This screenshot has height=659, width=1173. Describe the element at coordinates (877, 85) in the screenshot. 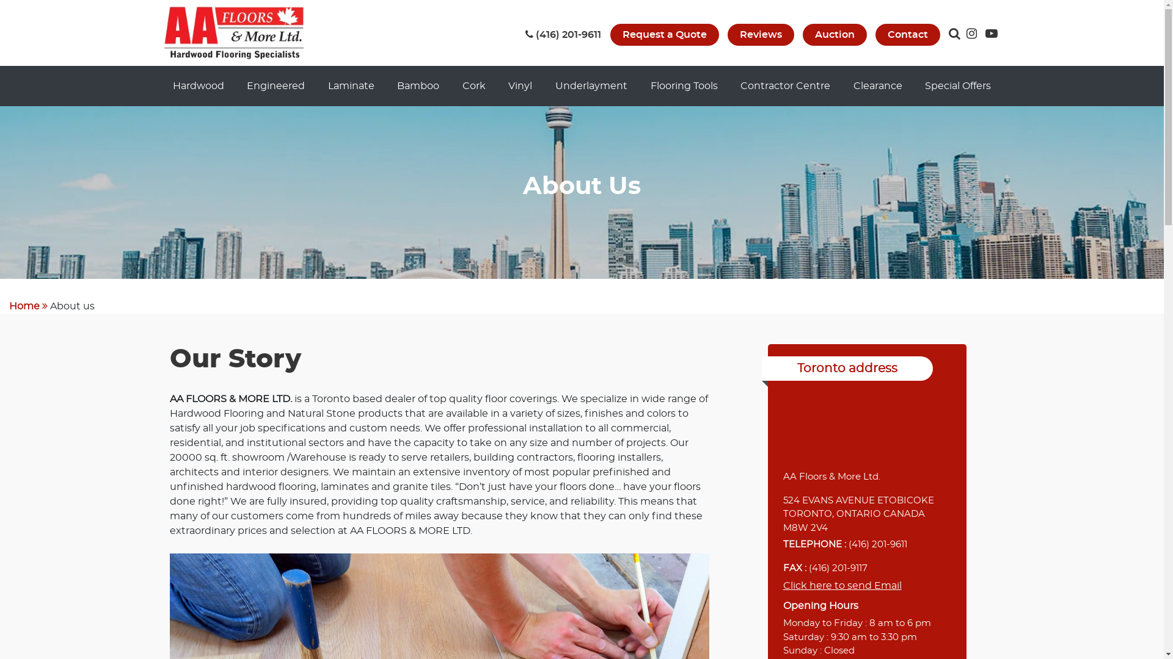

I see `'Clearance'` at that location.